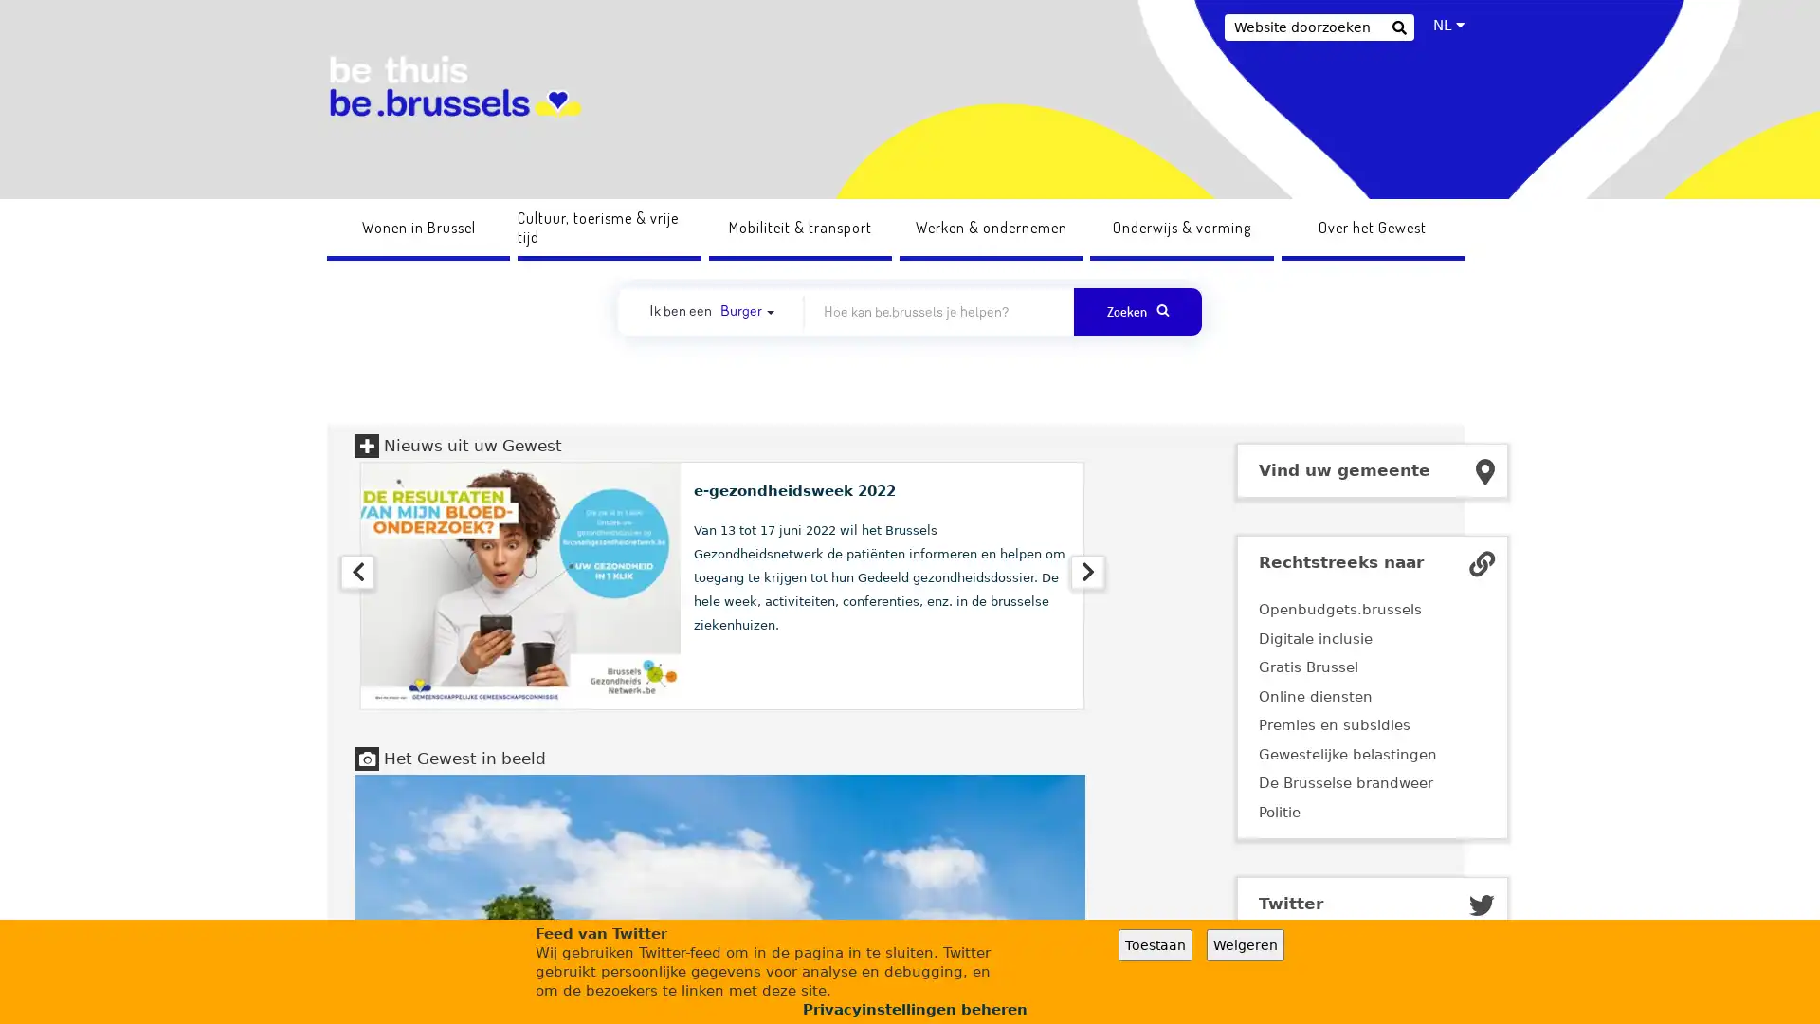 This screenshot has width=1820, height=1024. I want to click on Toestaan, so click(1155, 944).